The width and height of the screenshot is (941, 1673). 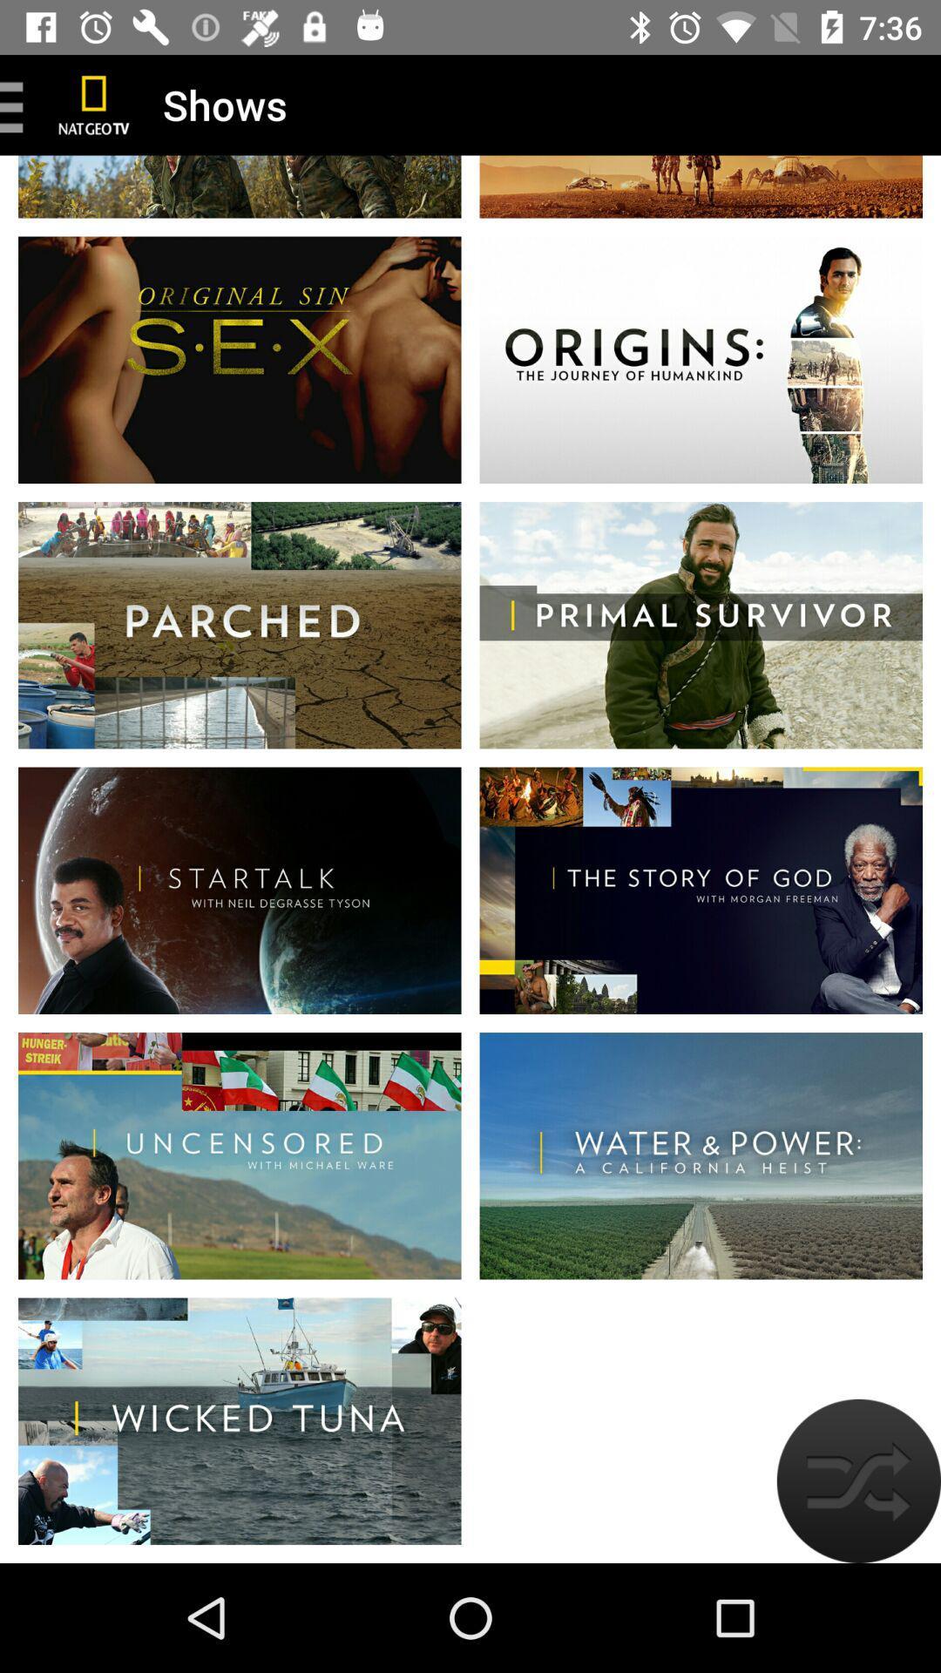 I want to click on home button, so click(x=94, y=104).